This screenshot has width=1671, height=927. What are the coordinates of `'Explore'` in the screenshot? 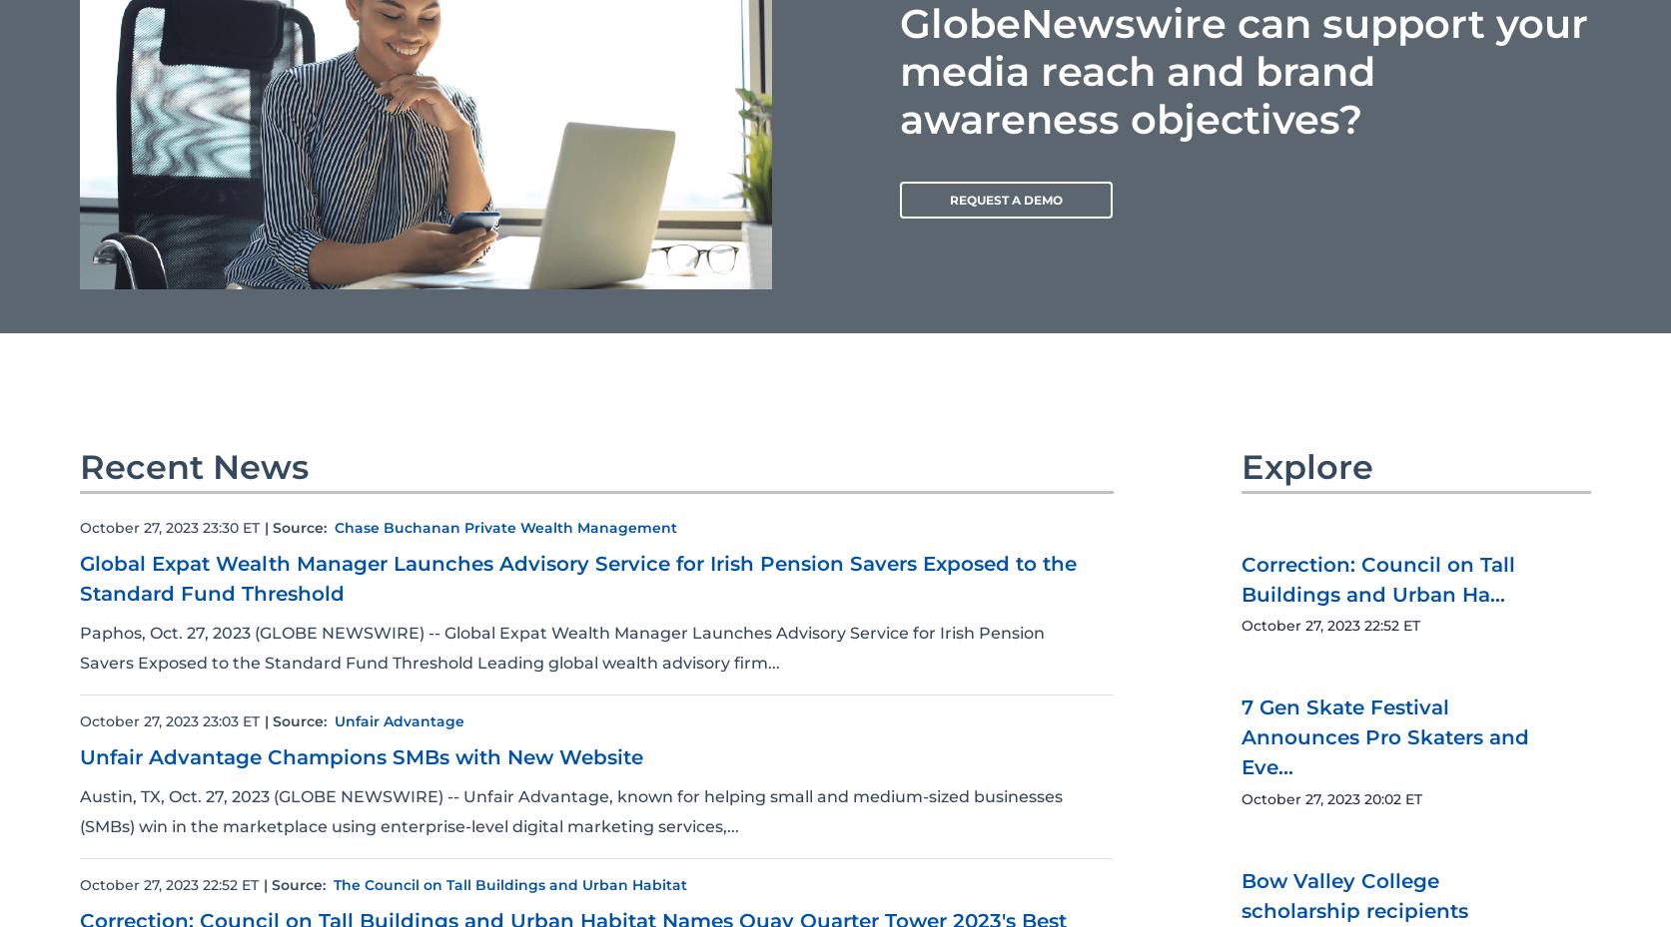 It's located at (1306, 466).